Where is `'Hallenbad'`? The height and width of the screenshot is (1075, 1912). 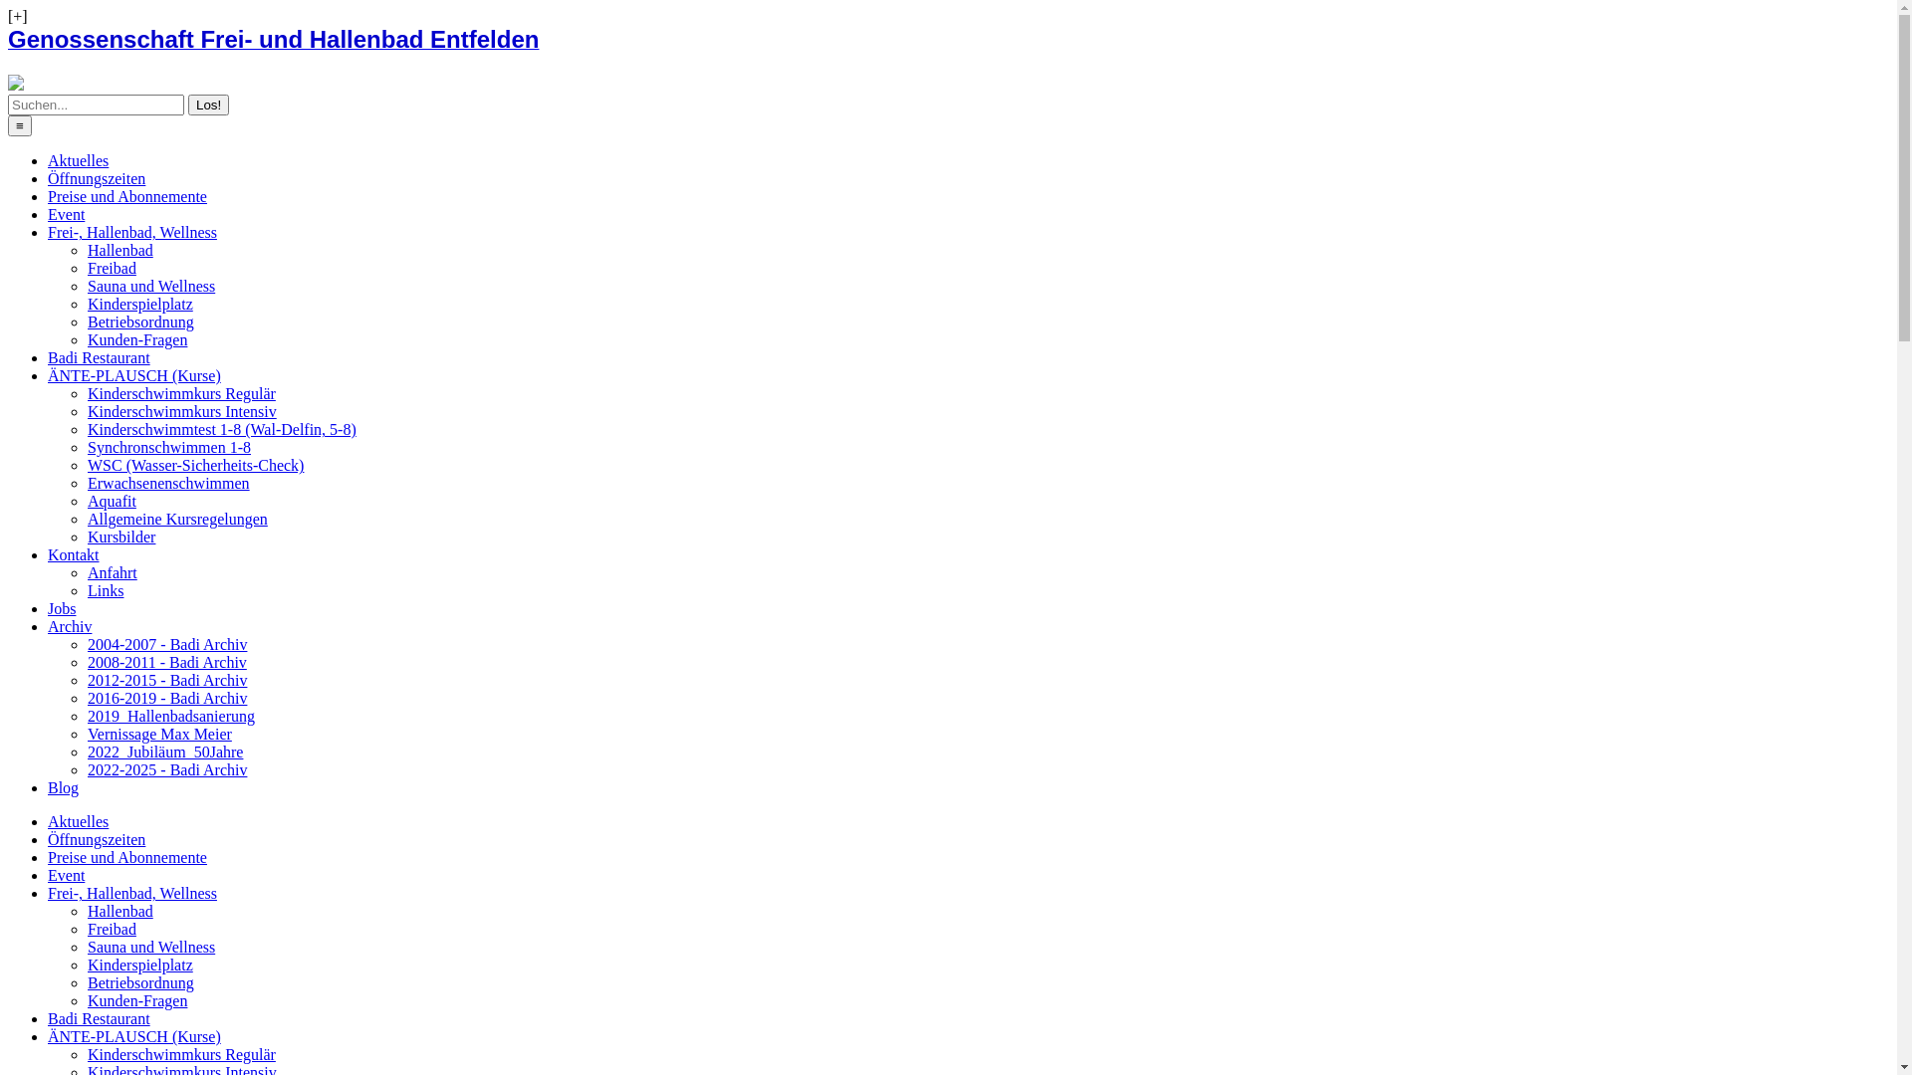 'Hallenbad' is located at coordinates (86, 911).